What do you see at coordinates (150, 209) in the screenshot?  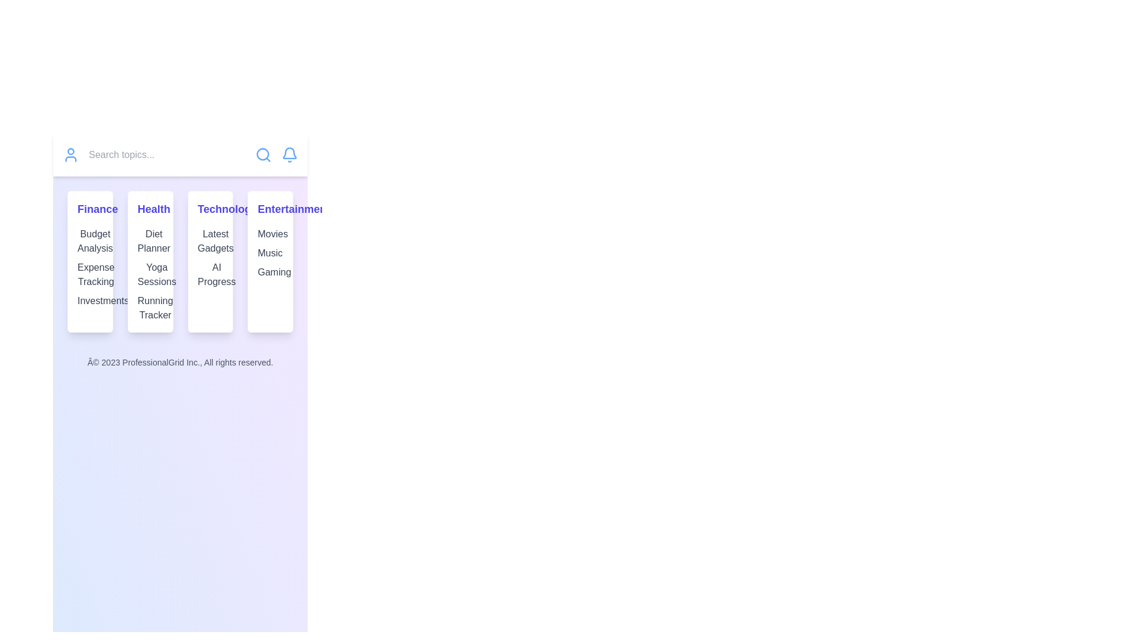 I see `the bold indigo 'Health' text at the top of the second card in a grid layout` at bounding box center [150, 209].